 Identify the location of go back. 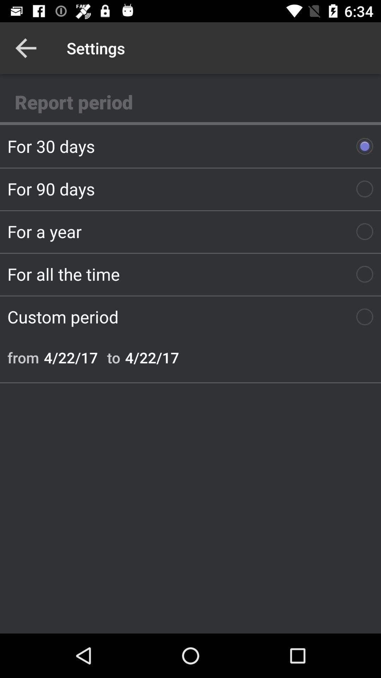
(25, 48).